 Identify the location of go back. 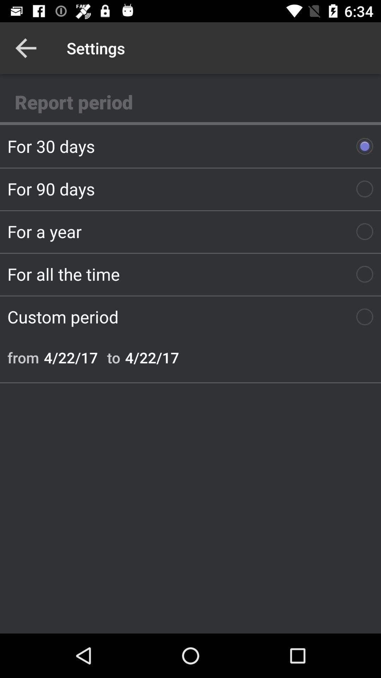
(25, 48).